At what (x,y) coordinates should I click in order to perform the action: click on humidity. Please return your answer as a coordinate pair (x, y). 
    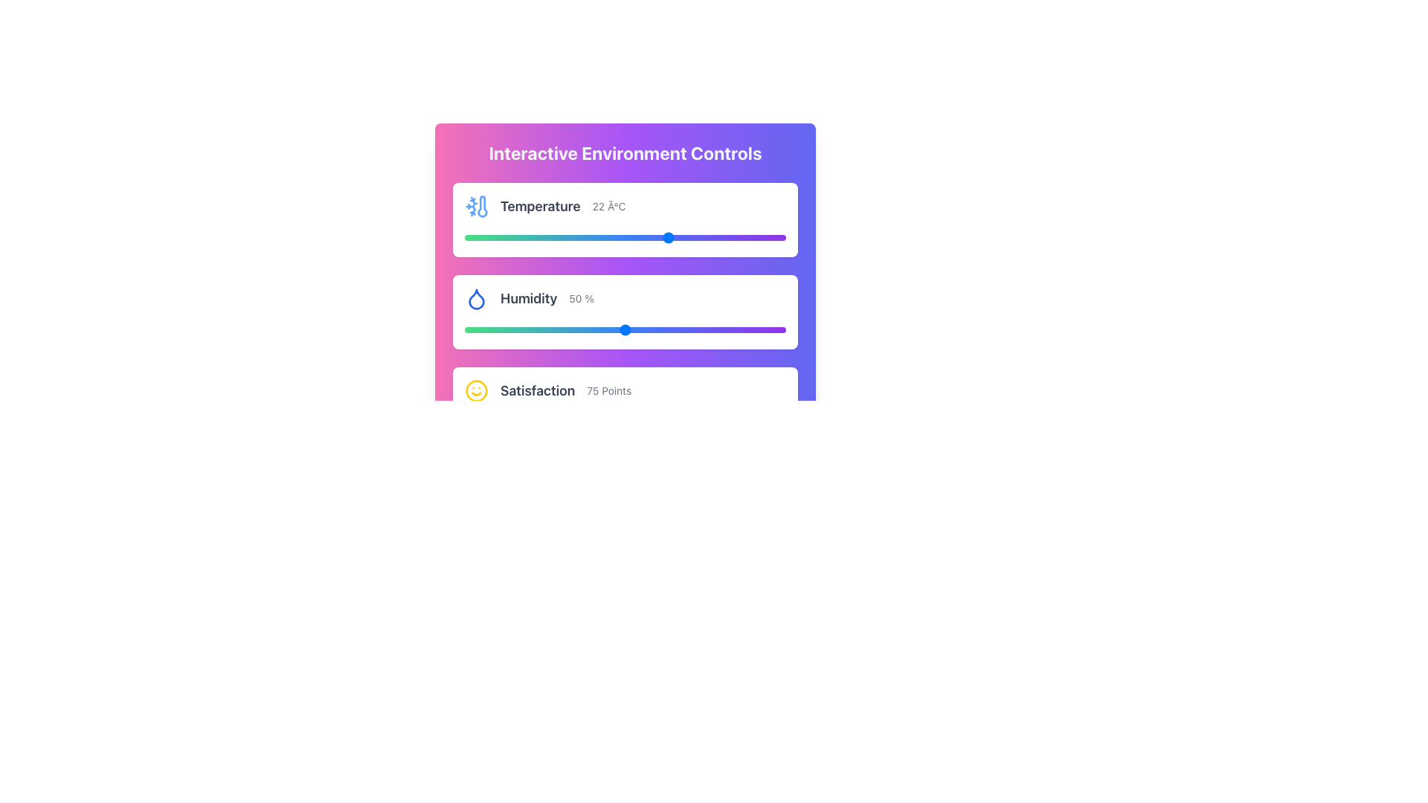
    Looking at the image, I should click on (770, 329).